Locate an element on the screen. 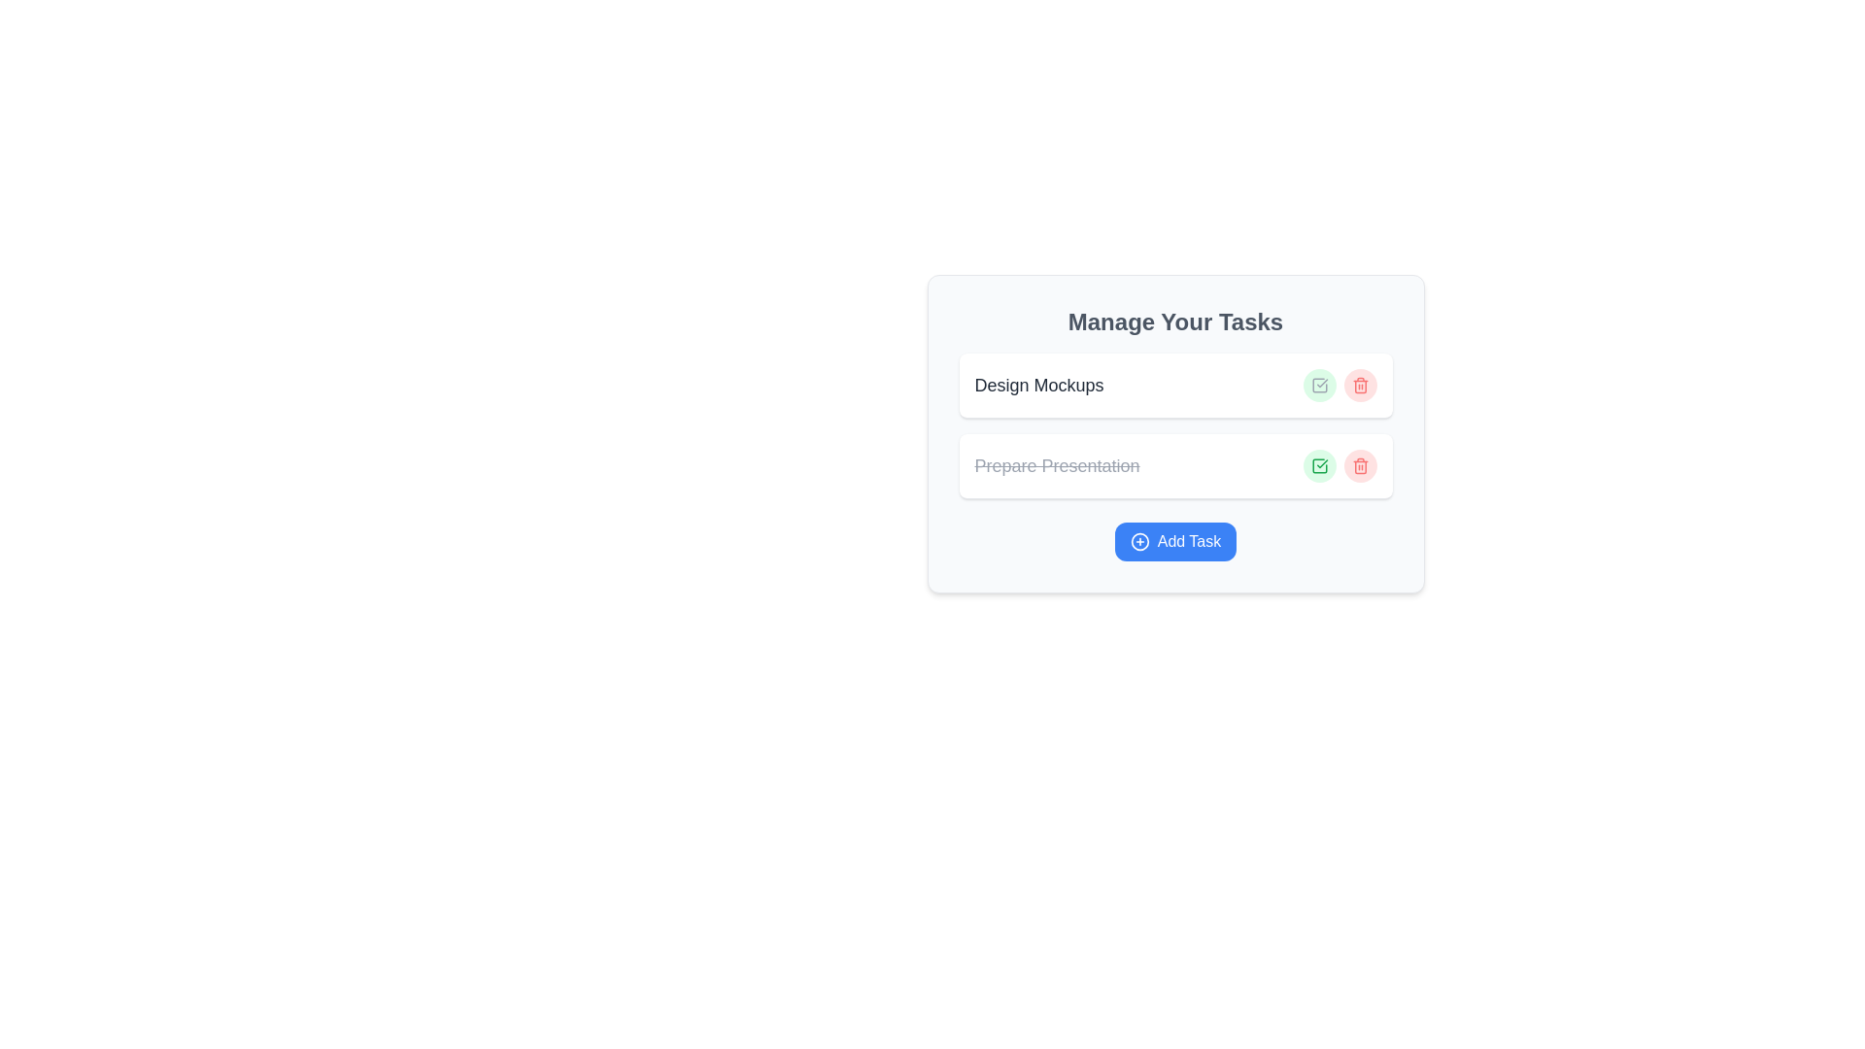 This screenshot has height=1049, width=1865. the addition icon located at the center of the 'Add Task' button at the bottom of the task management card is located at coordinates (1139, 542).